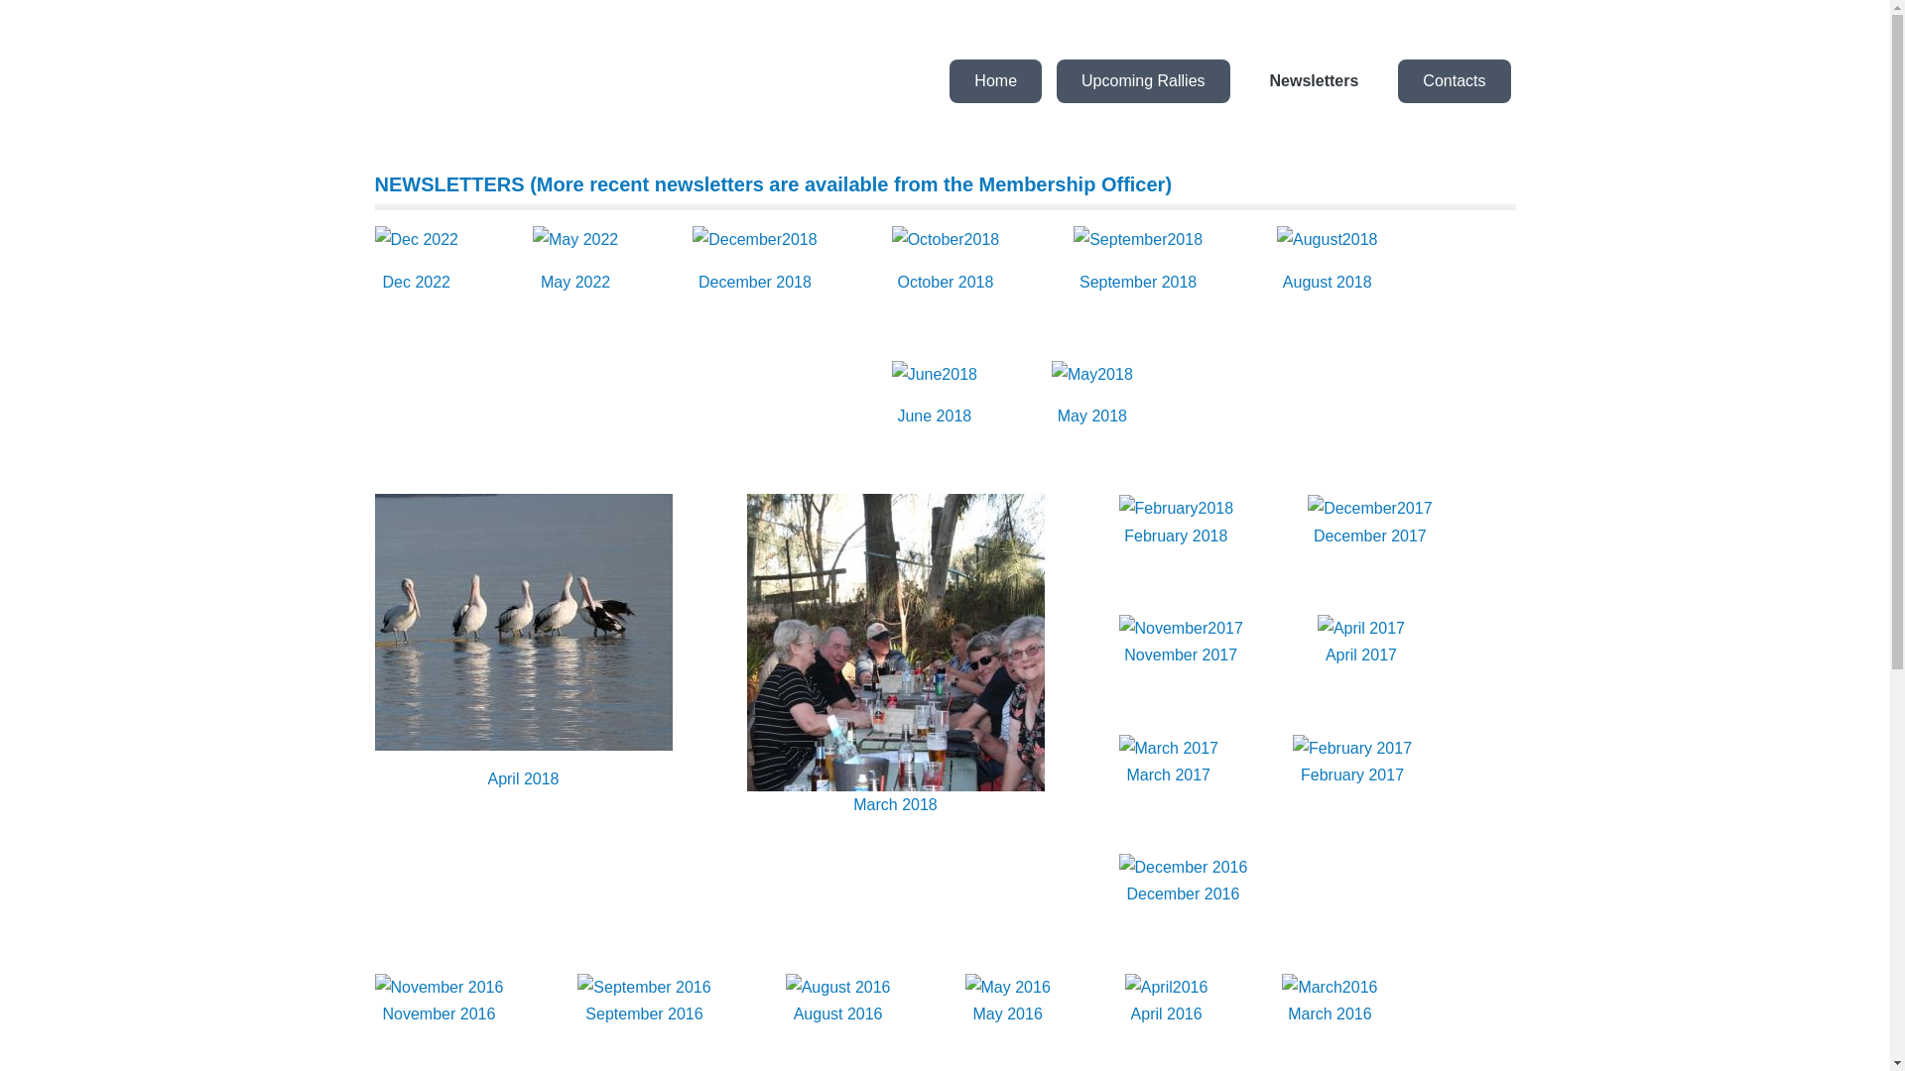 This screenshot has width=1905, height=1071. I want to click on 'March 2017', so click(1169, 773).